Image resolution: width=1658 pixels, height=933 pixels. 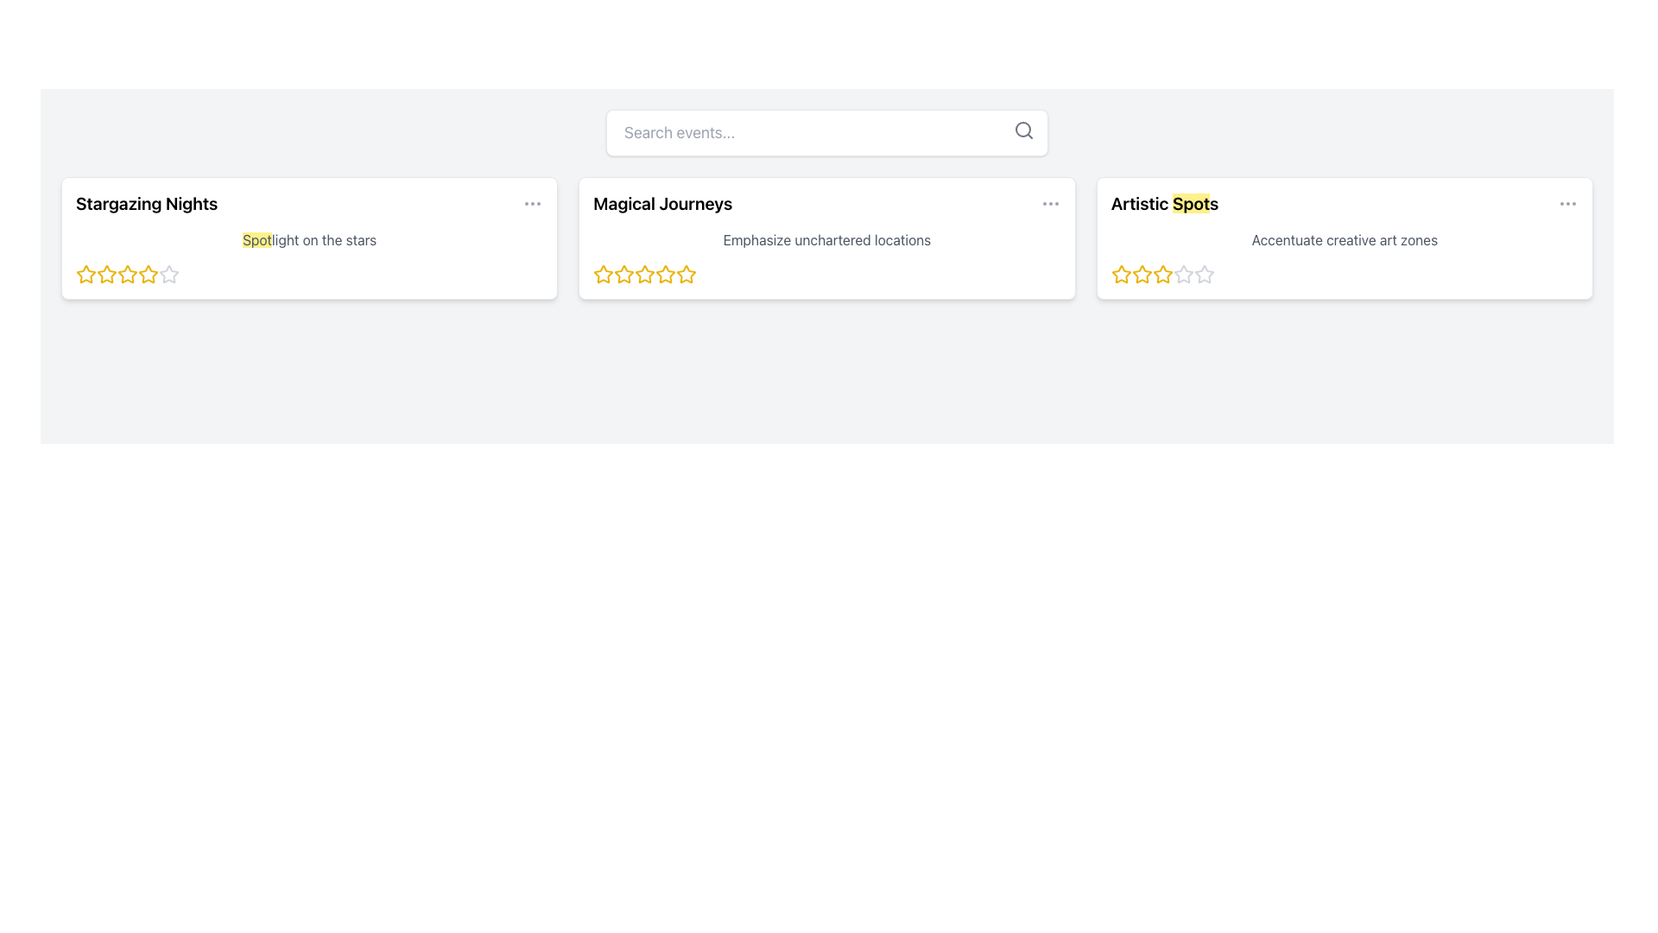 What do you see at coordinates (644, 273) in the screenshot?
I see `the second star-shaped icon with a yellow border in the rating system of the 'Magical Journeys' card to rate it` at bounding box center [644, 273].